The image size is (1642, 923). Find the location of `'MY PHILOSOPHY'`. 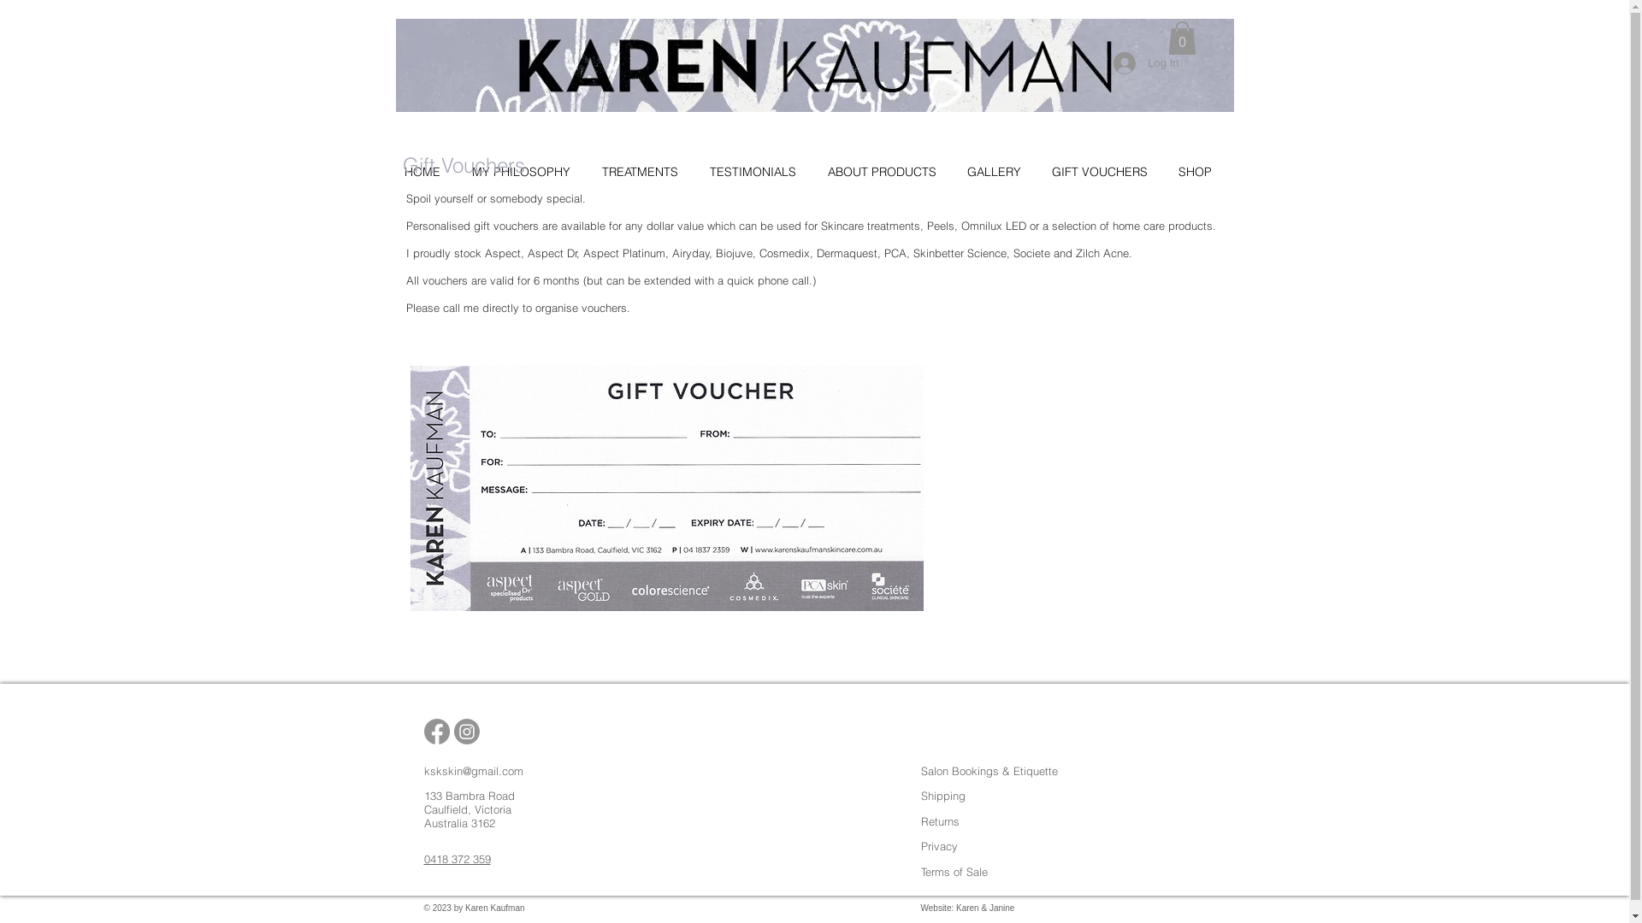

'MY PHILOSOPHY' is located at coordinates (464, 171).